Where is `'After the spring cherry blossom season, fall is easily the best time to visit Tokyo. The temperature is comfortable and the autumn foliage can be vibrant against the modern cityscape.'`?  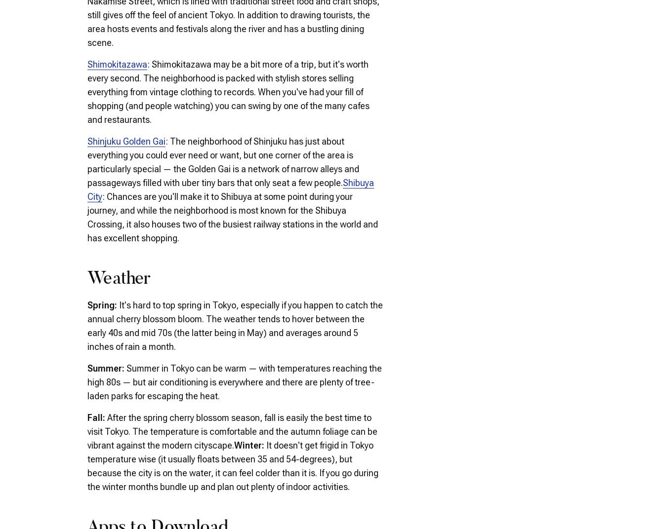
'After the spring cherry blossom season, fall is easily the best time to visit Tokyo. The temperature is comfortable and the autumn foliage can be vibrant against the modern cityscape.' is located at coordinates (232, 431).